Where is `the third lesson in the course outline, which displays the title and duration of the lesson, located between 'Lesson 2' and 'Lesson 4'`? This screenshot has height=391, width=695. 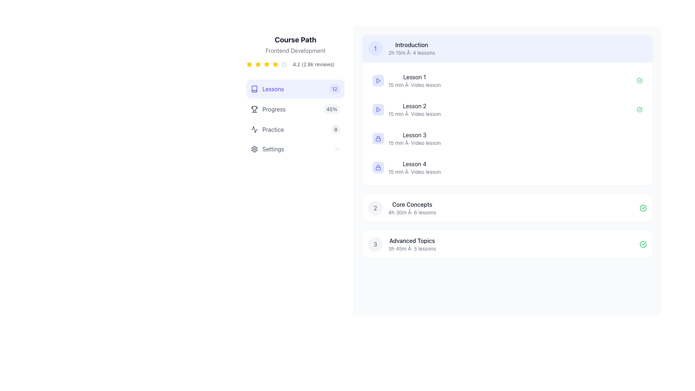 the third lesson in the course outline, which displays the title and duration of the lesson, located between 'Lesson 2' and 'Lesson 4' is located at coordinates (414, 138).